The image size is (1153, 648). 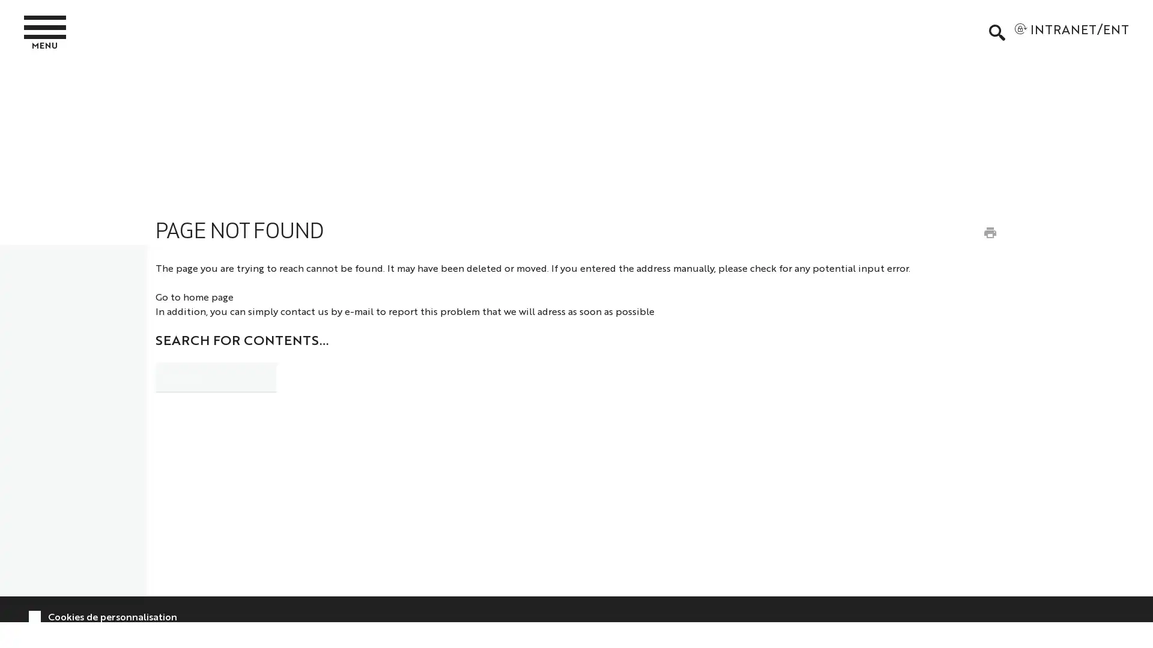 I want to click on SEARCH, so click(x=996, y=32).